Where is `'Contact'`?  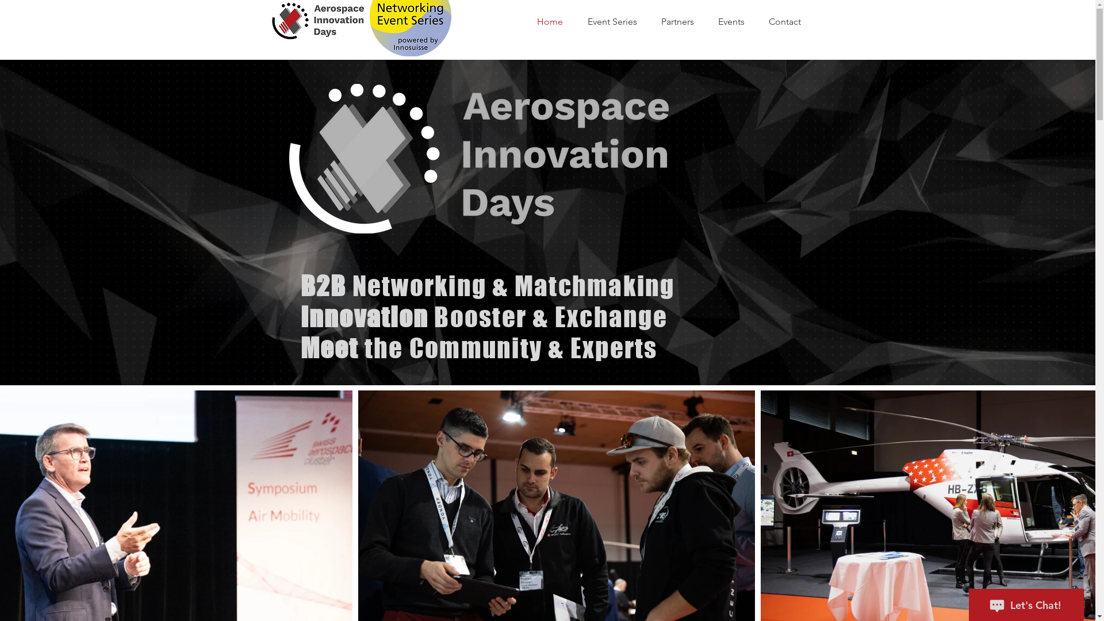 'Contact' is located at coordinates (789, 21).